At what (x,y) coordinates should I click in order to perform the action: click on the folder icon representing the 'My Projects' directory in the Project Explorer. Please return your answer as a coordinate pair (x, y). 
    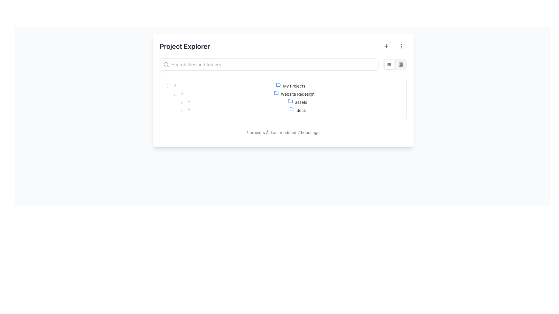
    Looking at the image, I should click on (278, 85).